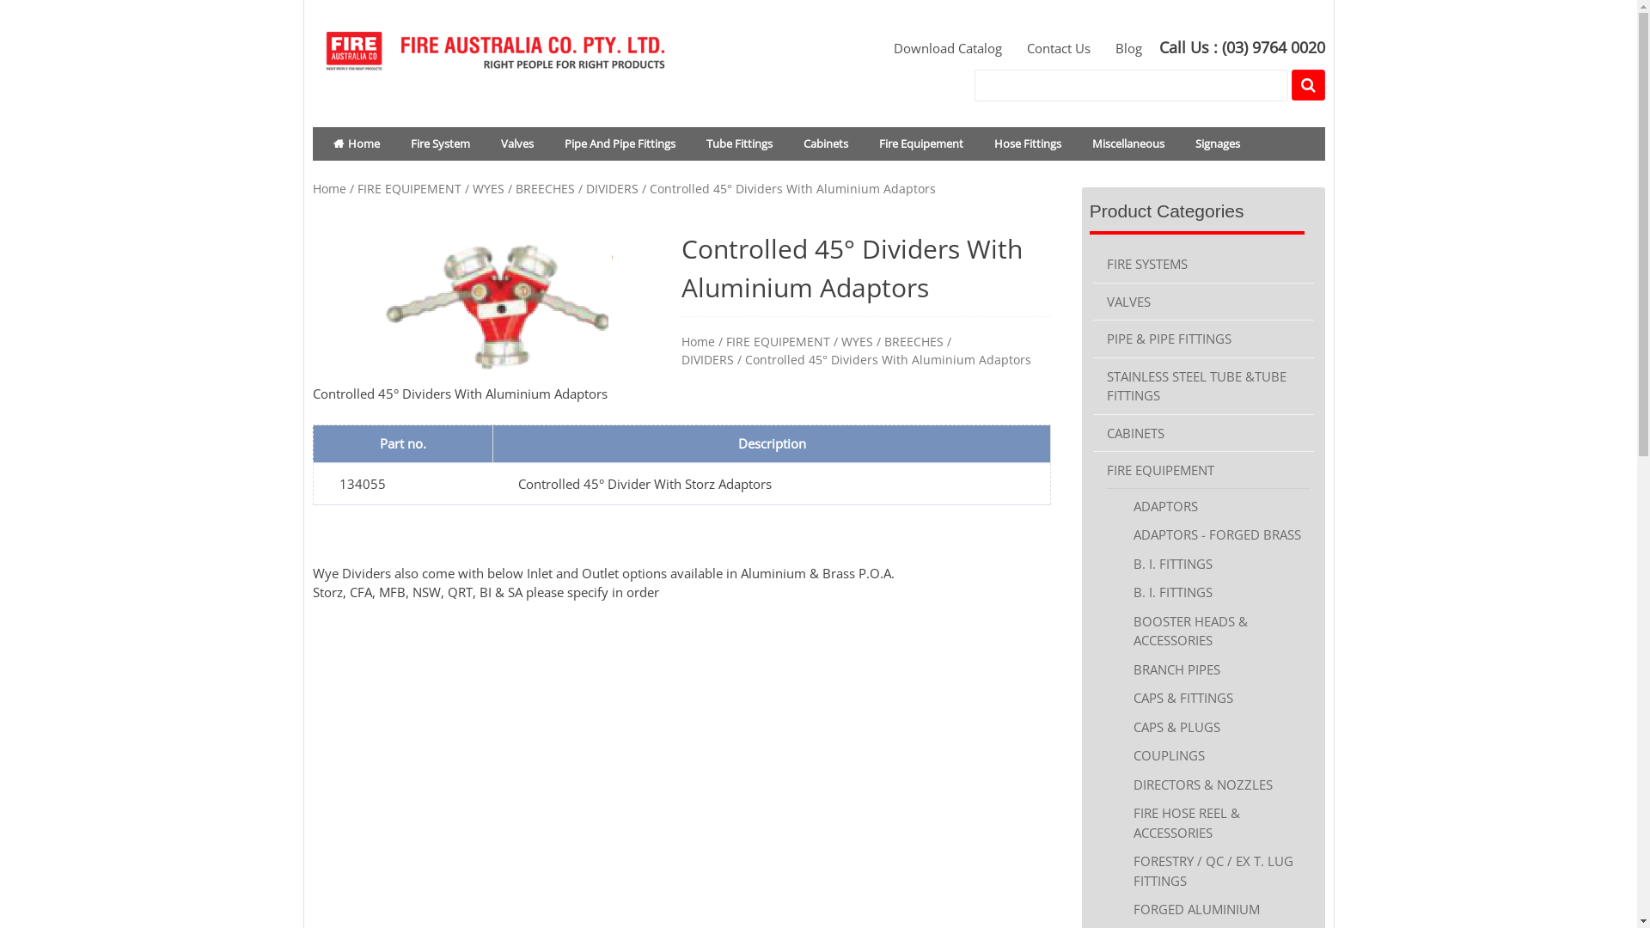 The image size is (1650, 928). What do you see at coordinates (1106, 385) in the screenshot?
I see `'STAINLESS STEEL TUBE &TUBE FITTINGS'` at bounding box center [1106, 385].